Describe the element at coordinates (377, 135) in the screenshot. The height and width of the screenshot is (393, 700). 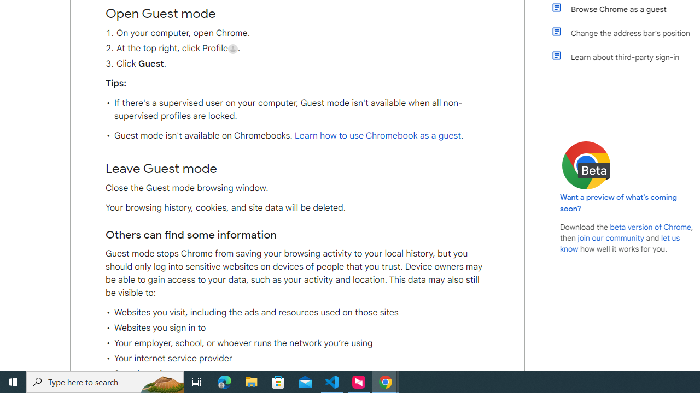
I see `'Learn how to use Chromebook as a guest'` at that location.